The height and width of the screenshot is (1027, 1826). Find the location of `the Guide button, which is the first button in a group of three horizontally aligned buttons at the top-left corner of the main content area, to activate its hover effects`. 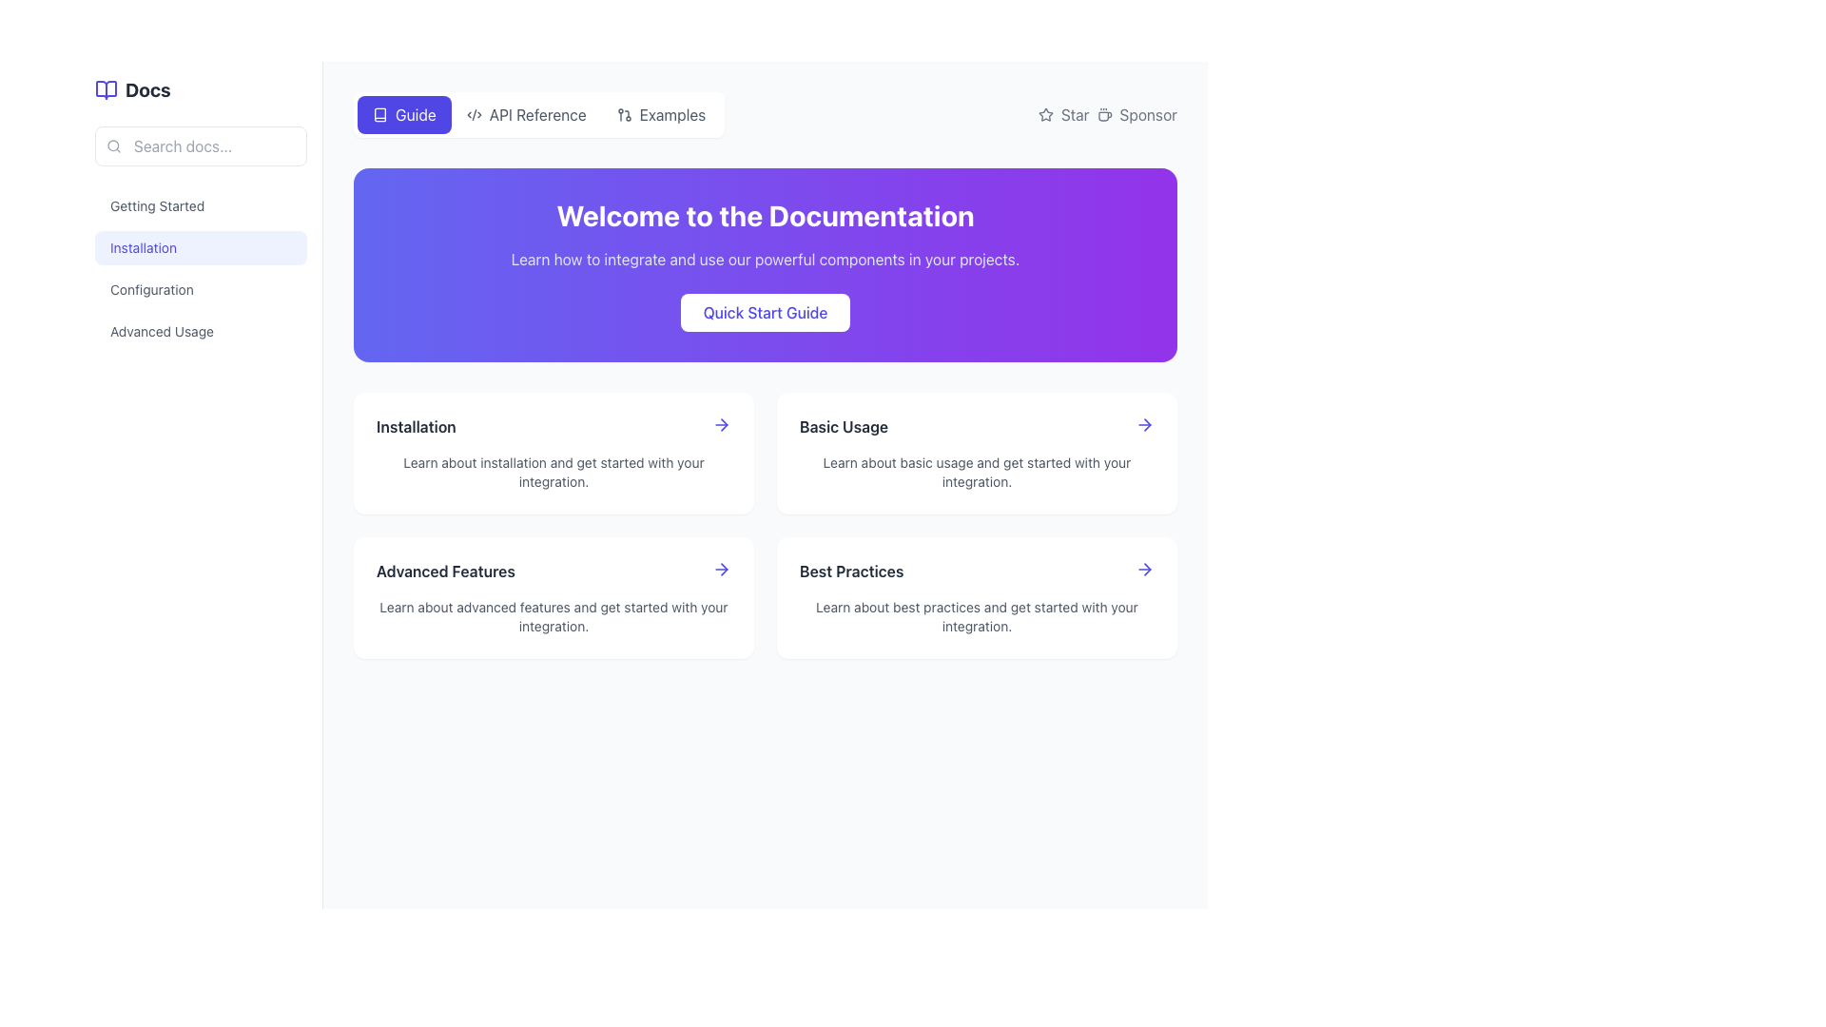

the Guide button, which is the first button in a group of three horizontally aligned buttons at the top-left corner of the main content area, to activate its hover effects is located at coordinates (403, 114).